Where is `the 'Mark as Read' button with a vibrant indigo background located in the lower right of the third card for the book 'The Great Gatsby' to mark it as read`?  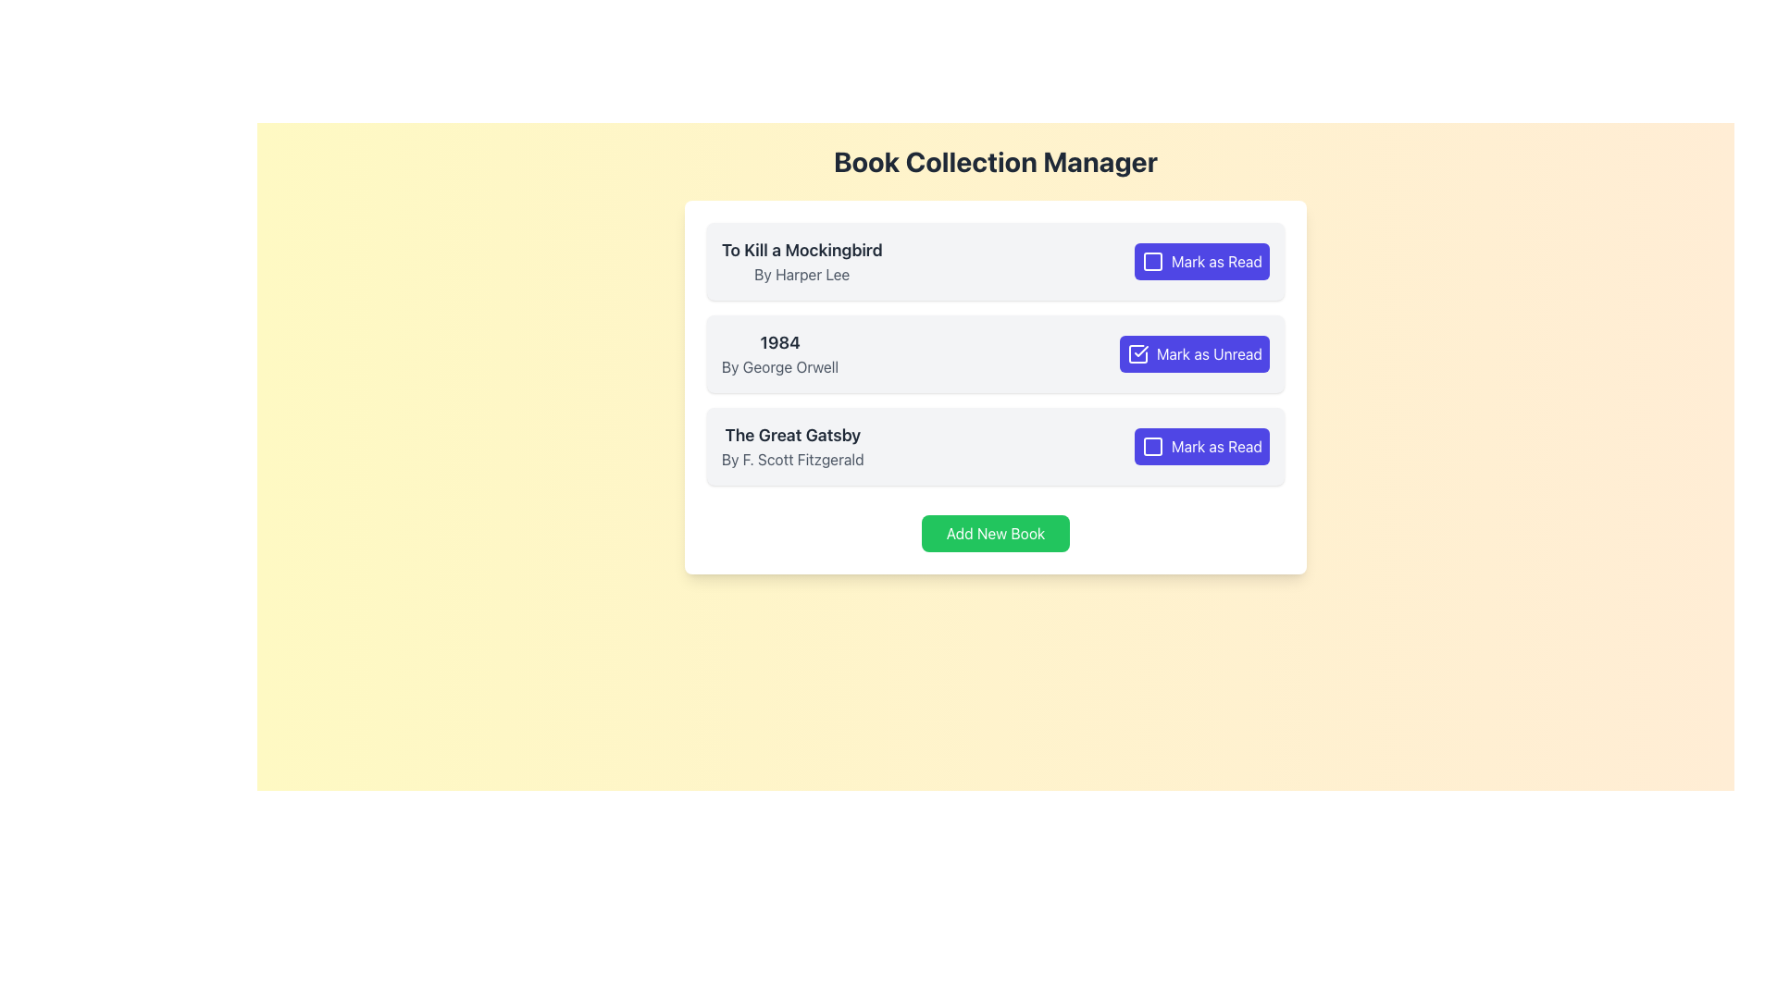
the 'Mark as Read' button with a vibrant indigo background located in the lower right of the third card for the book 'The Great Gatsby' to mark it as read is located at coordinates (1201, 446).